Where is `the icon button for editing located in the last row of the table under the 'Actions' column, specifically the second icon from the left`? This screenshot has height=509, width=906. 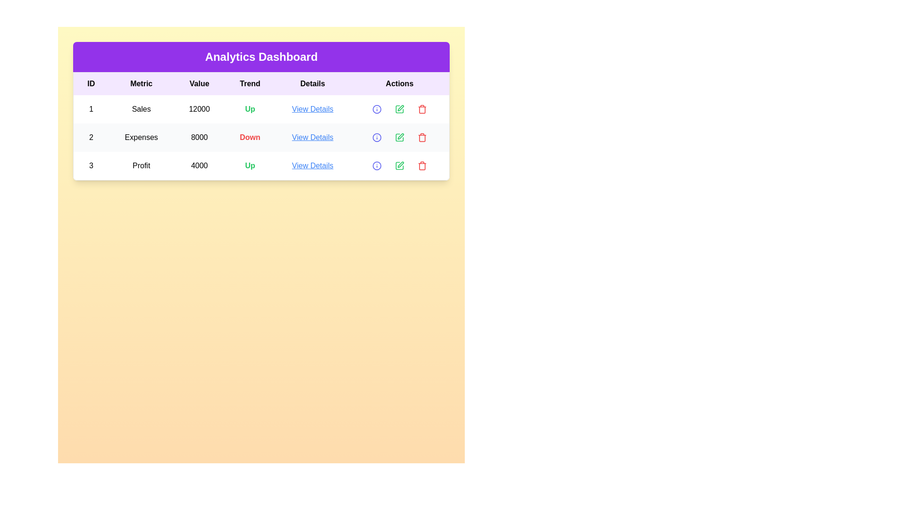 the icon button for editing located in the last row of the table under the 'Actions' column, specifically the second icon from the left is located at coordinates (399, 165).